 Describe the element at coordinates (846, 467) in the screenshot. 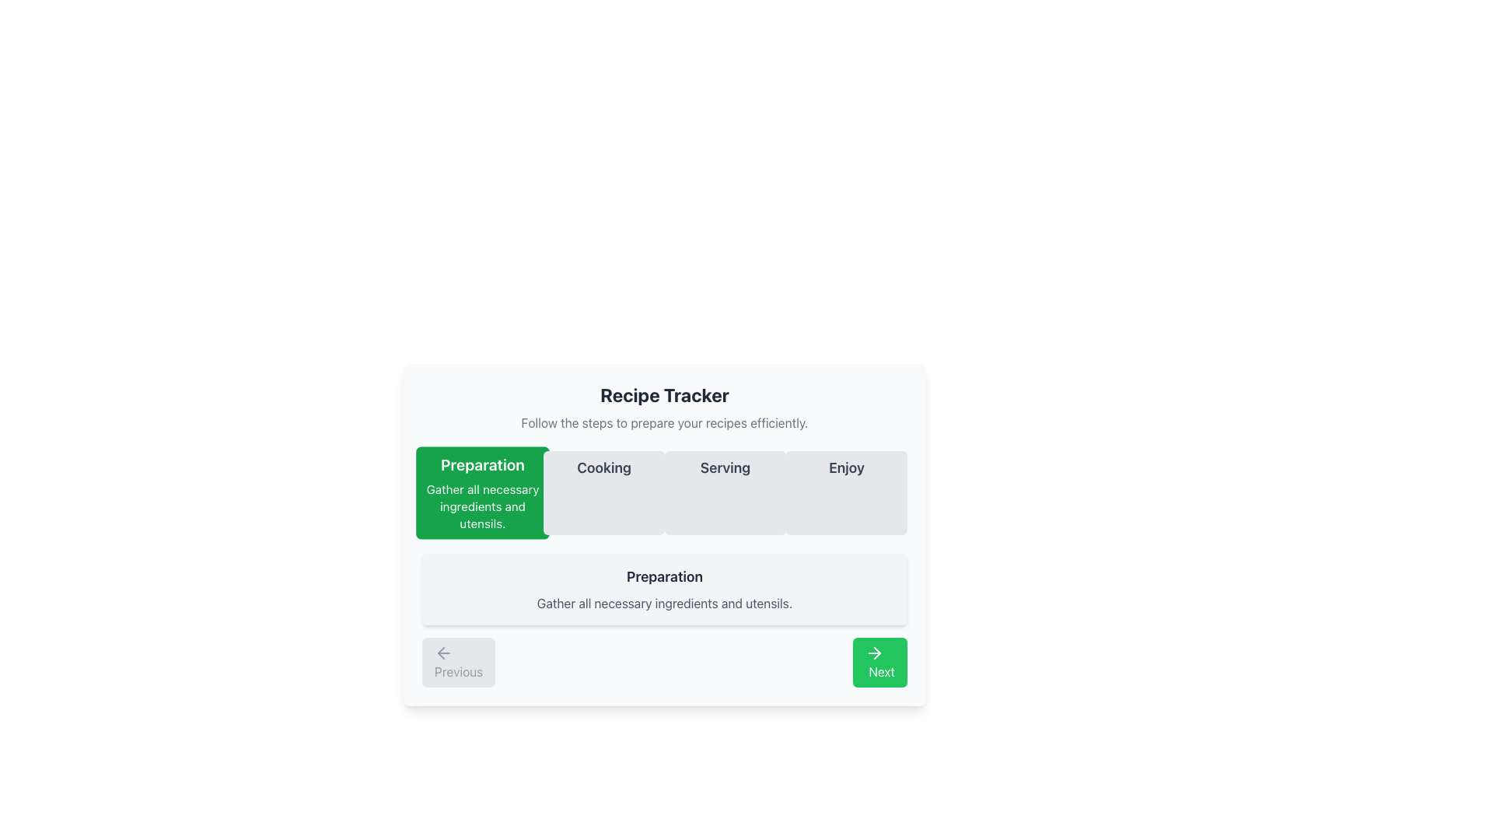

I see `the text label displaying 'Enjoy' in bold and large font, located at the top-right corner of the horizontal step navigation bar` at that location.